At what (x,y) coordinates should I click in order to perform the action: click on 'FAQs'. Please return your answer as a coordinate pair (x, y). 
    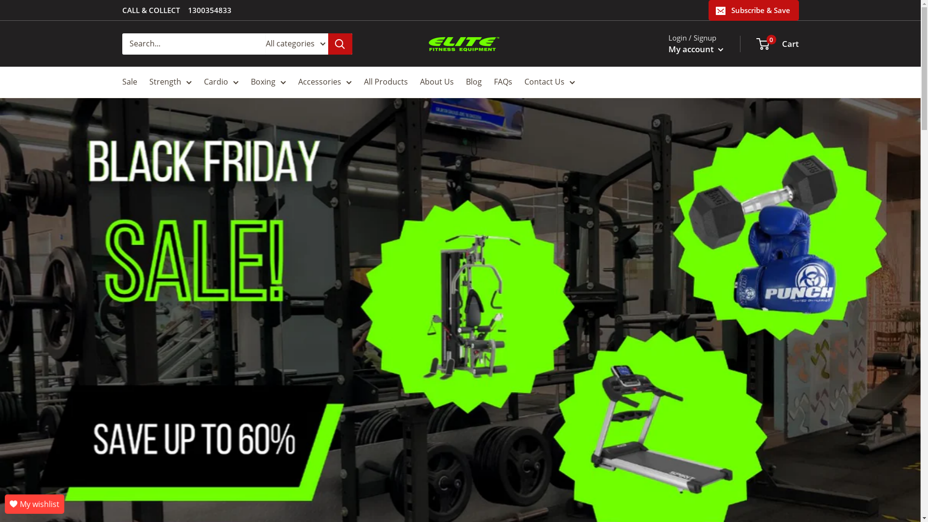
    Looking at the image, I should click on (503, 81).